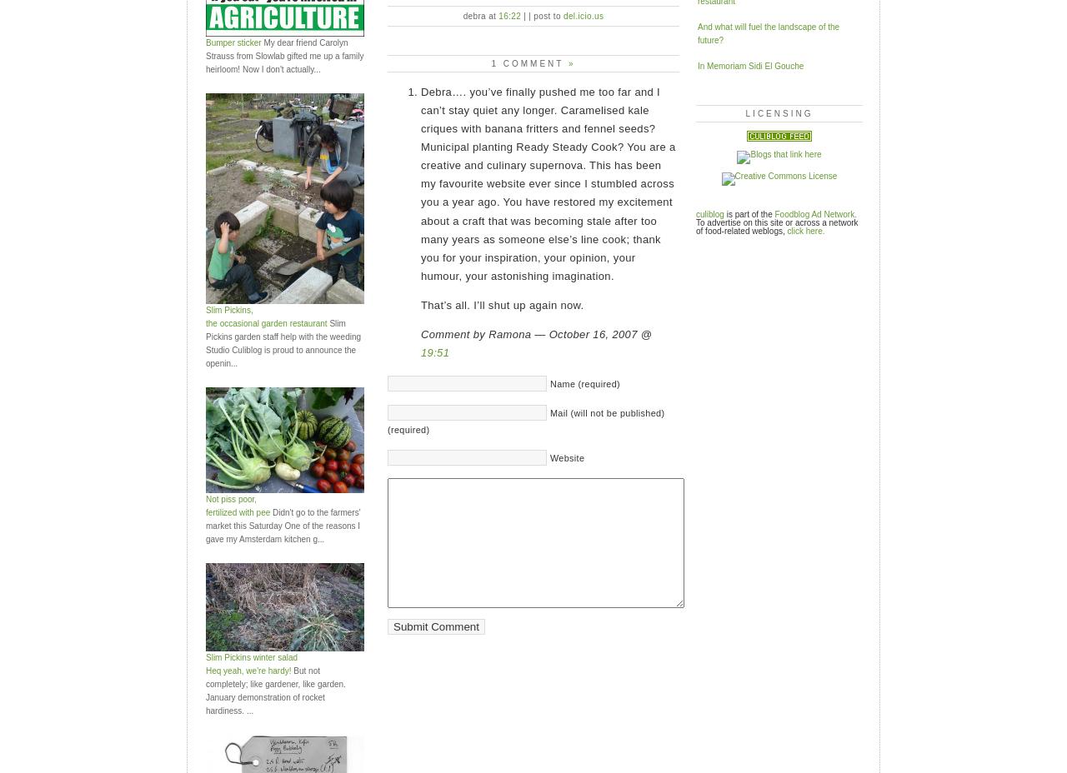 This screenshot has width=1067, height=773. I want to click on 'Mail (will not be published) (required)', so click(525, 421).